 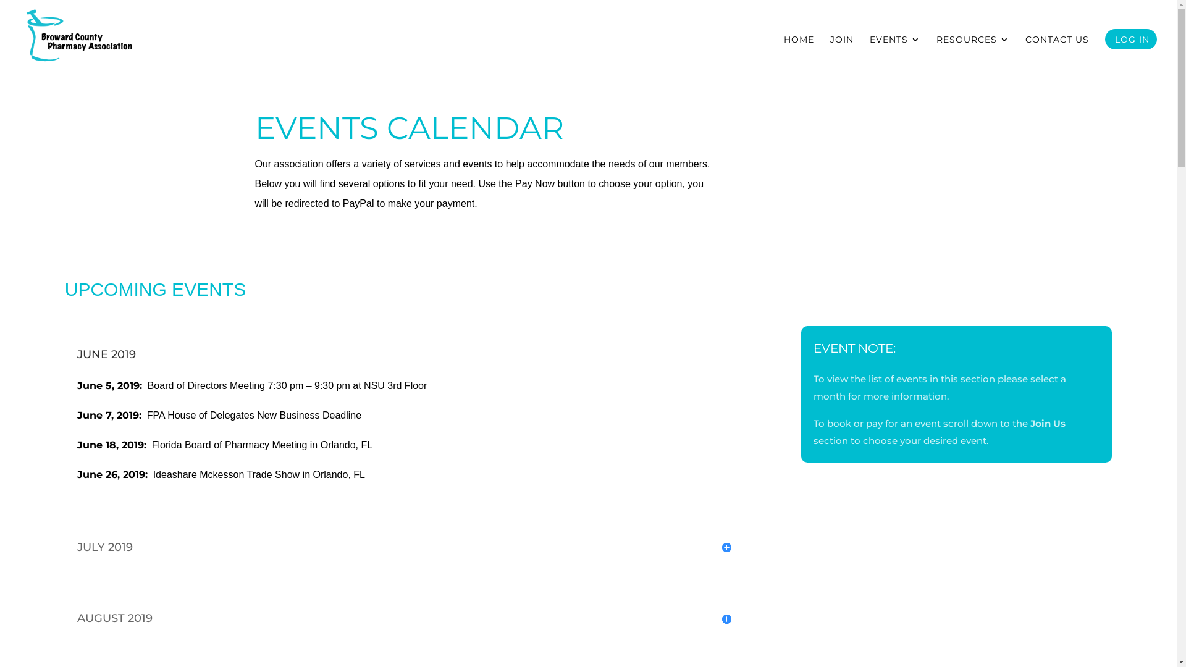 I want to click on 'CONTACT US', so click(x=1056, y=53).